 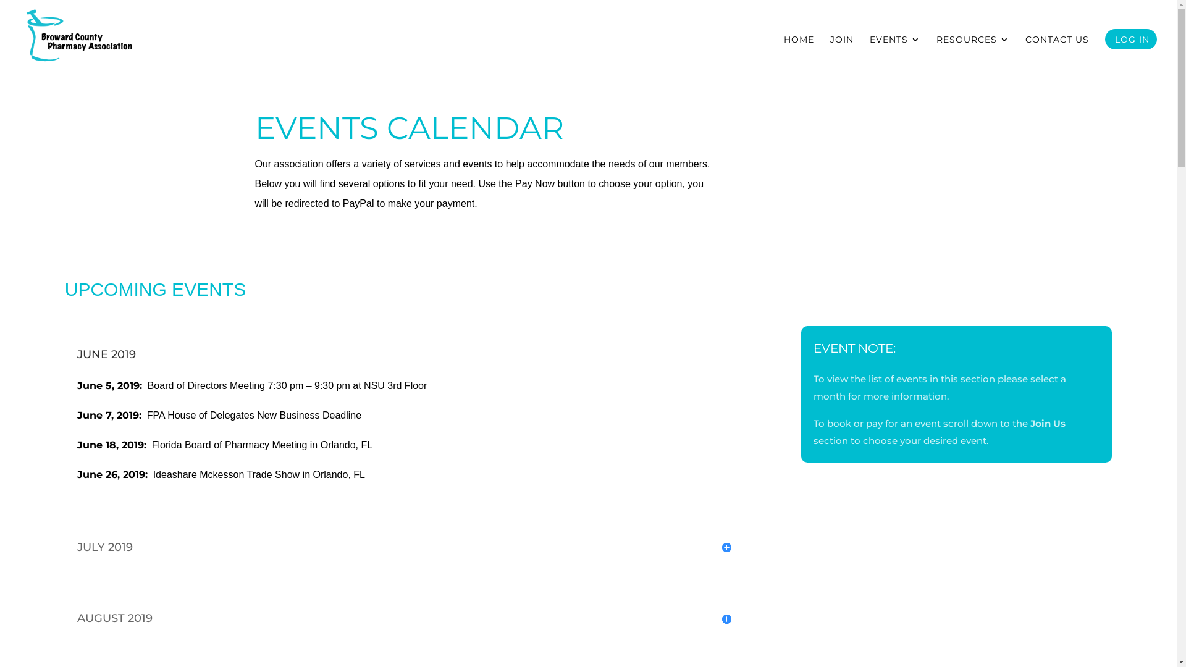 I want to click on 'CONTACT US', so click(x=1056, y=53).